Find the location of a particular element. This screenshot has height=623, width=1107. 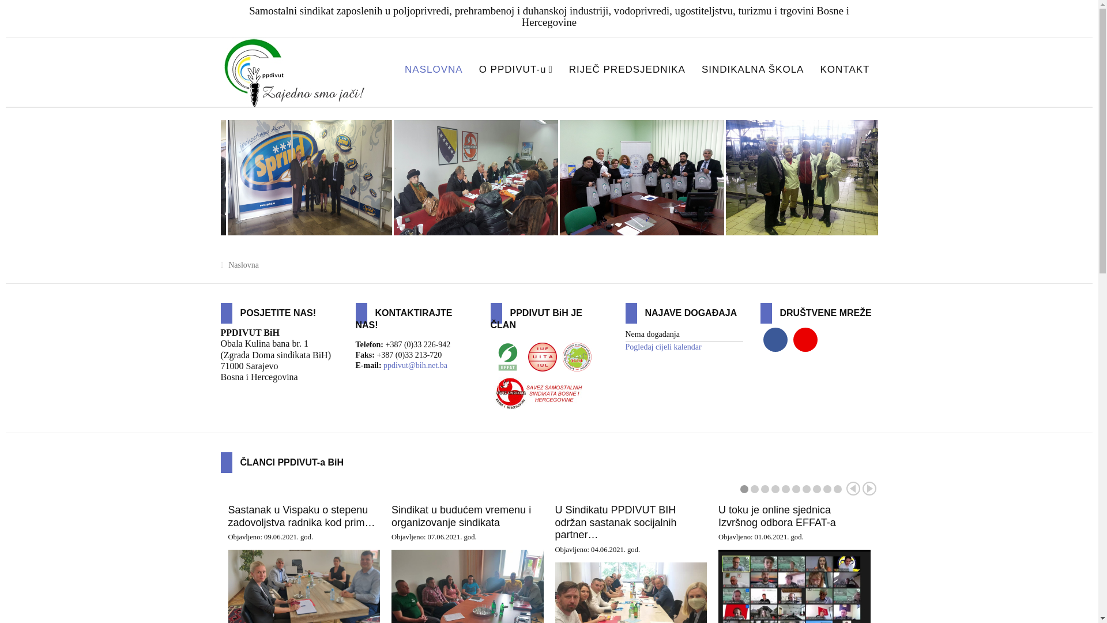

'8' is located at coordinates (816, 489).